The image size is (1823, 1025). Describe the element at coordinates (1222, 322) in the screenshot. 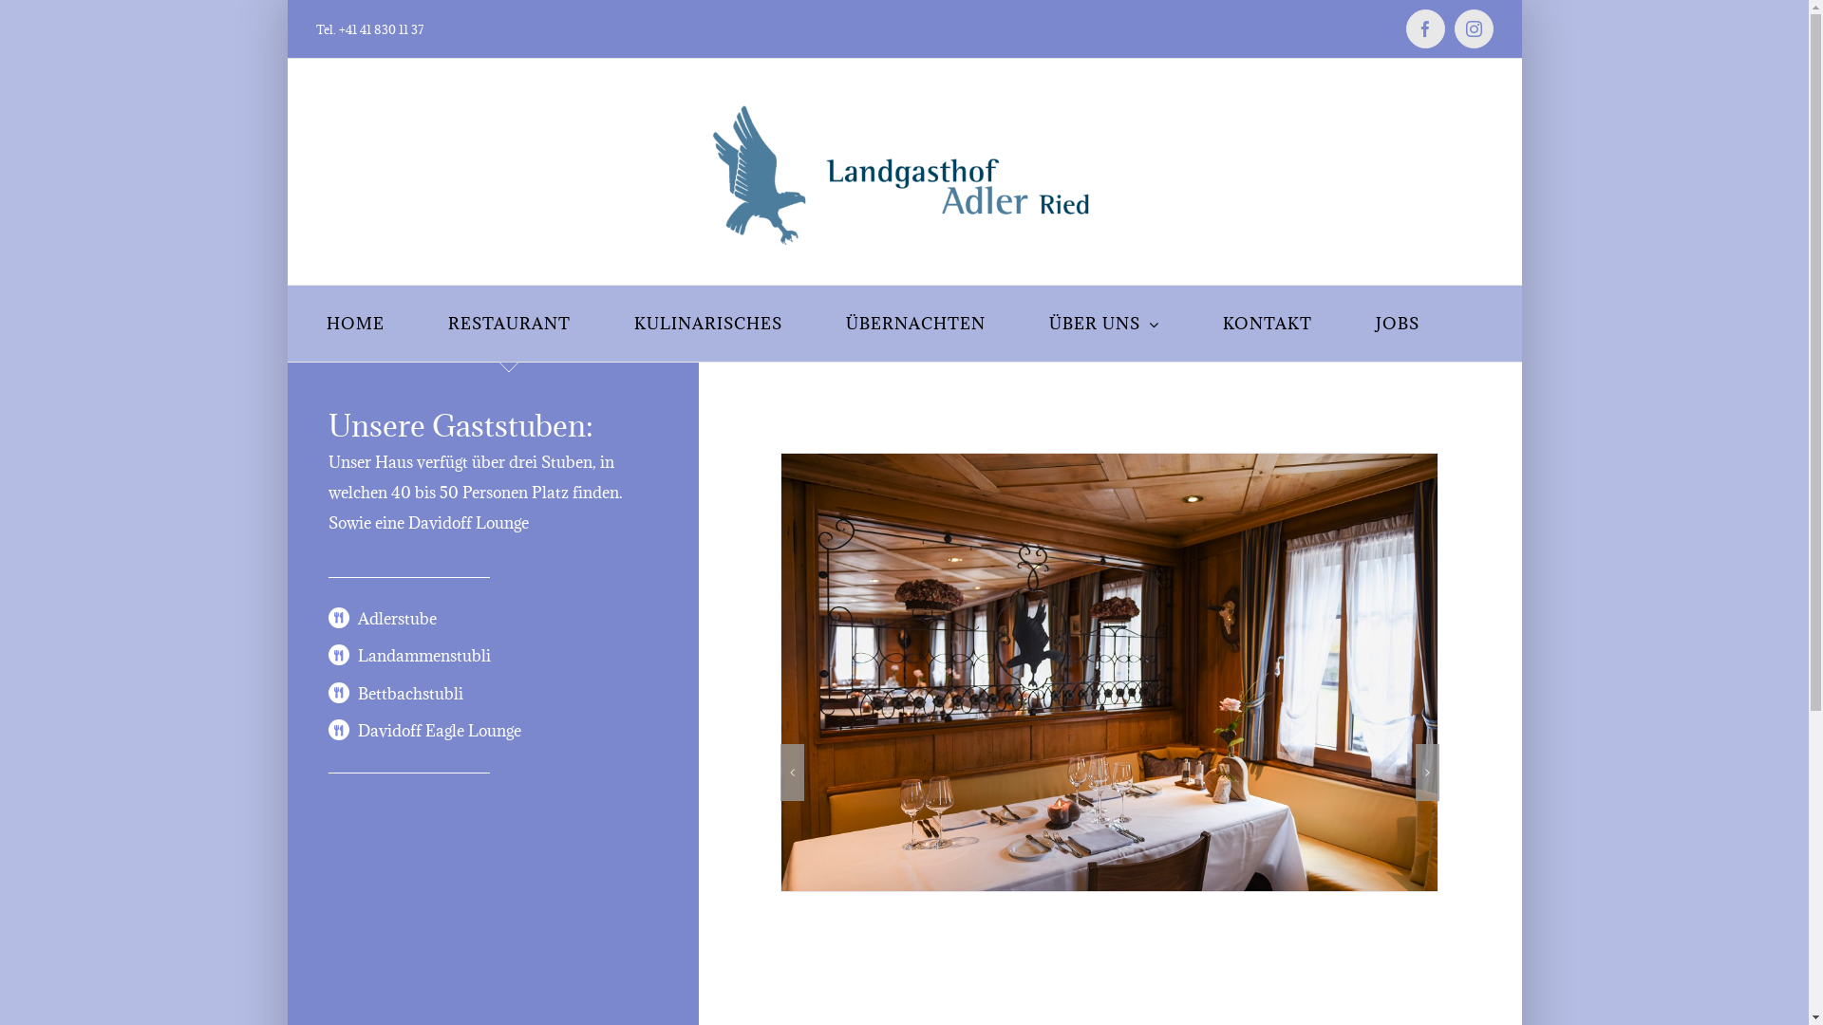

I see `'KONTAKT'` at that location.